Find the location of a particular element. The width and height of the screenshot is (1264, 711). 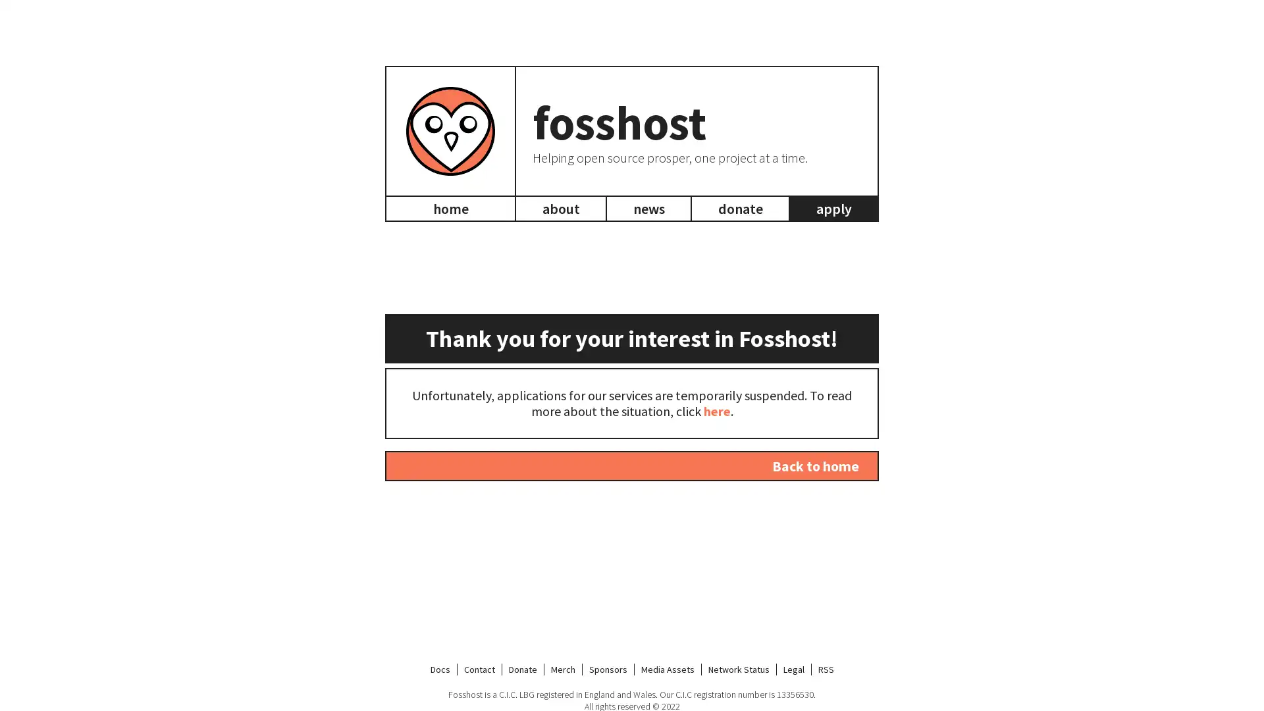

Back to home is located at coordinates (632, 464).